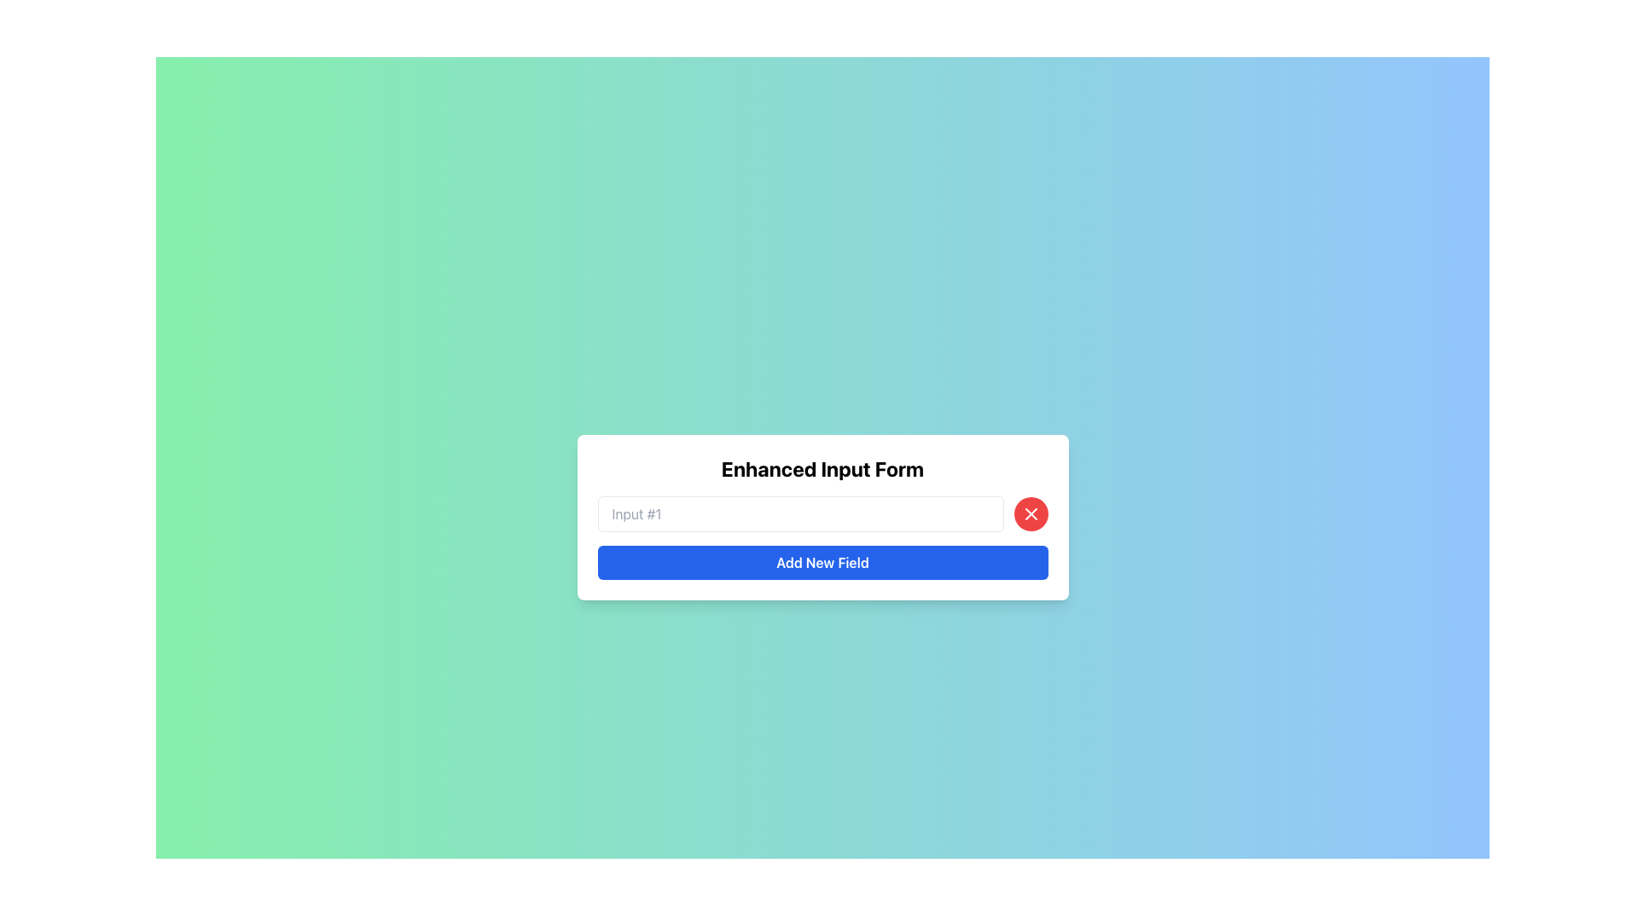 The width and height of the screenshot is (1638, 921). What do you see at coordinates (1030, 513) in the screenshot?
I see `the 'remove' button located to the right of the text input field labeled 'Input #1'` at bounding box center [1030, 513].